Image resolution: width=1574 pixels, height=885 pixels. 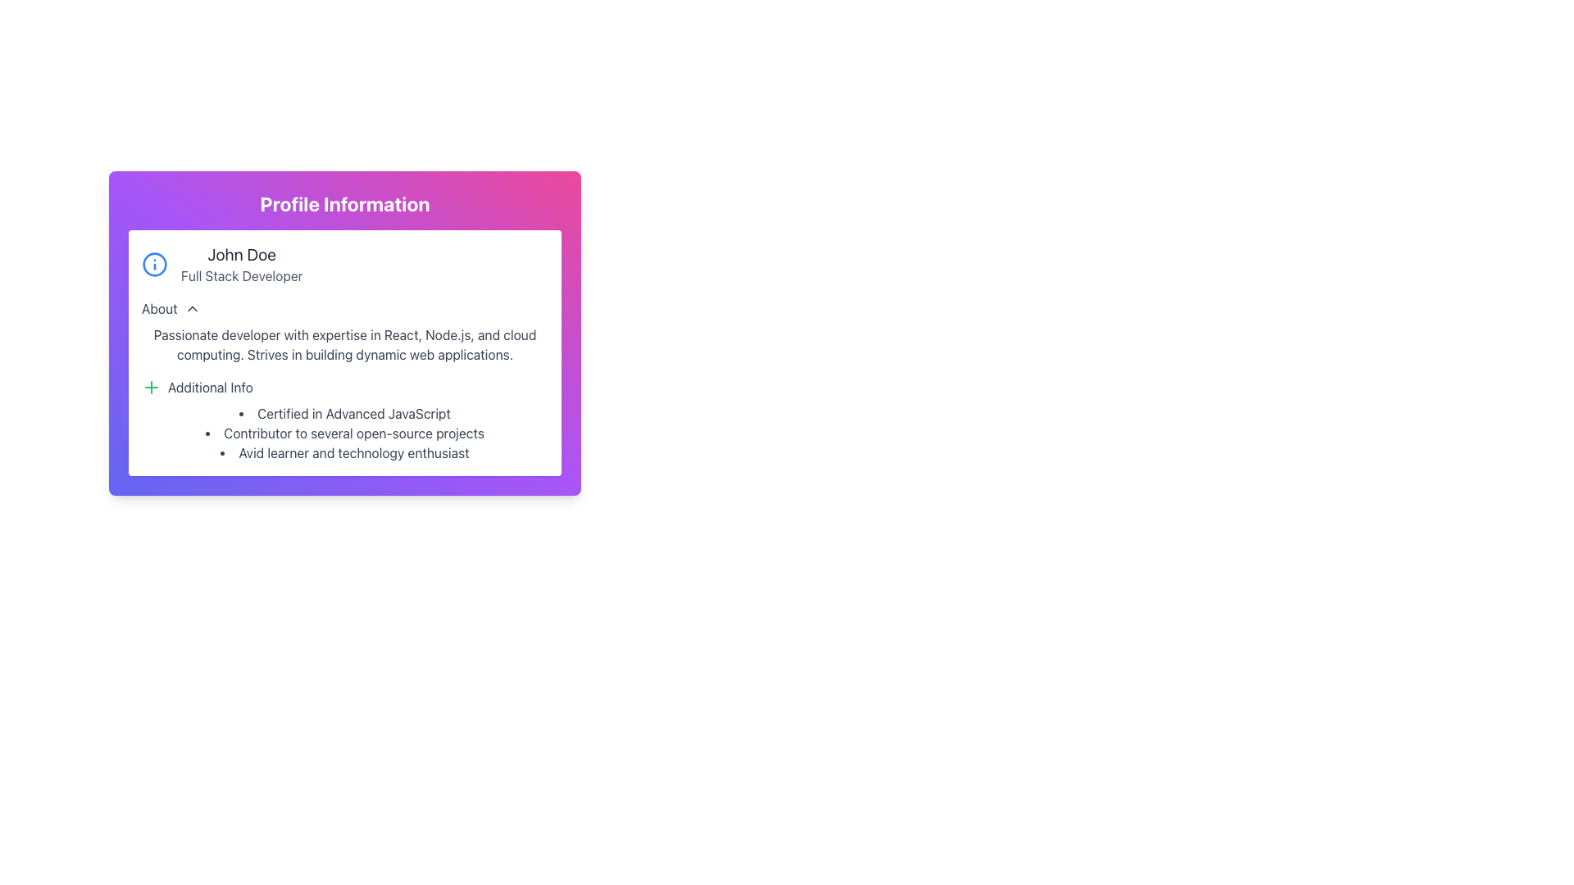 I want to click on the downward-pointing chevron arrow icon, which is styled in a bold outline and located adjacent to the 'About' text, so click(x=192, y=309).